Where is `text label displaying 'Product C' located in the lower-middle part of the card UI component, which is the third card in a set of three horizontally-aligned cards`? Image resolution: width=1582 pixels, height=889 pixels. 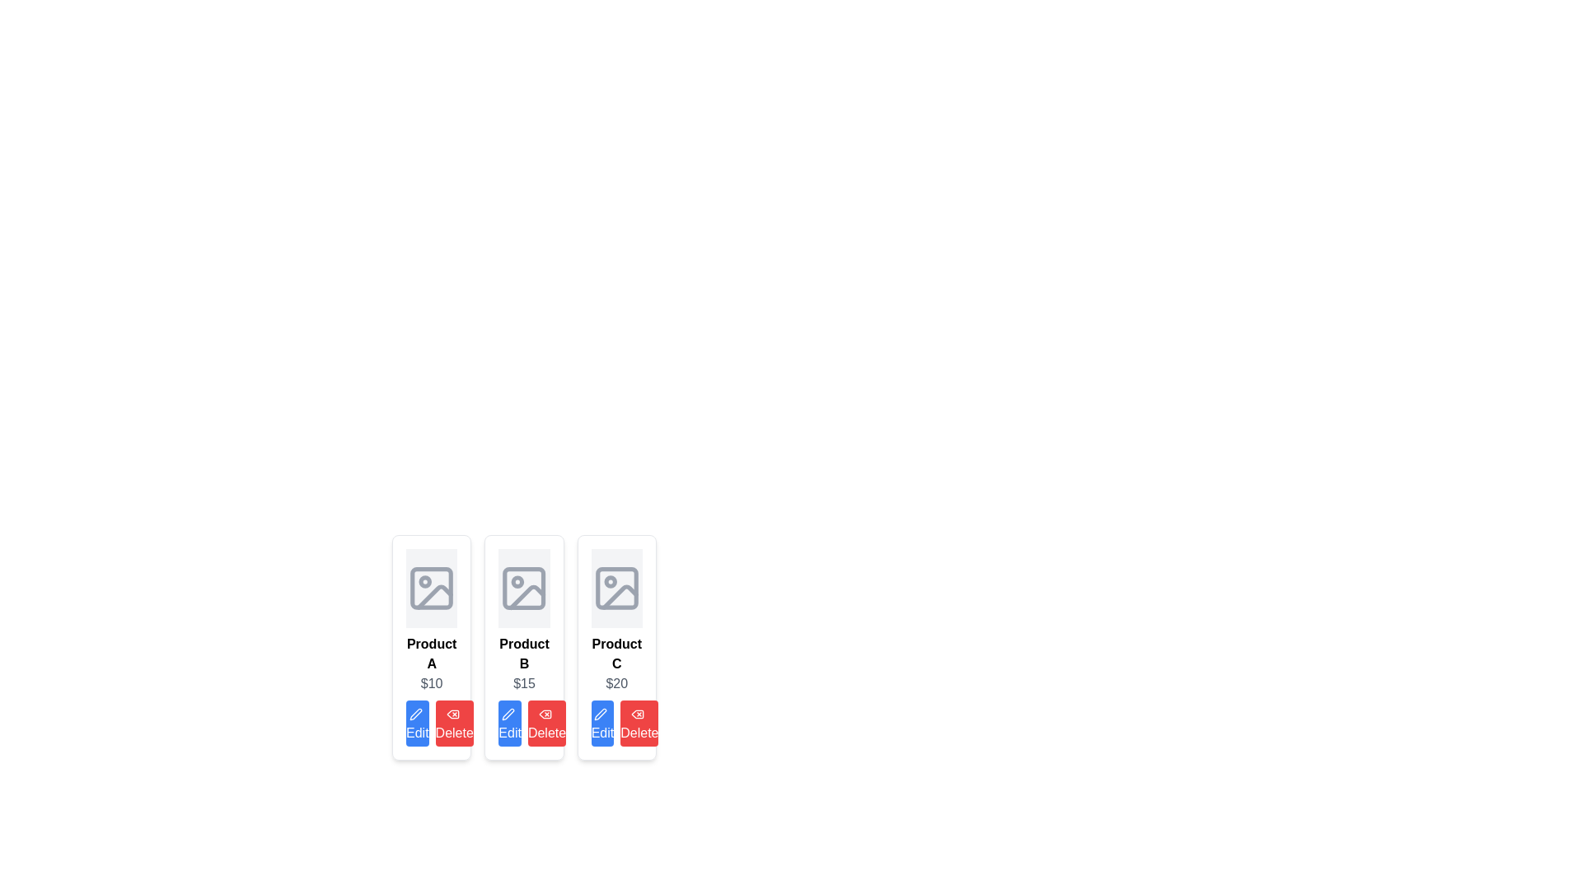
text label displaying 'Product C' located in the lower-middle part of the card UI component, which is the third card in a set of three horizontally-aligned cards is located at coordinates (615, 653).